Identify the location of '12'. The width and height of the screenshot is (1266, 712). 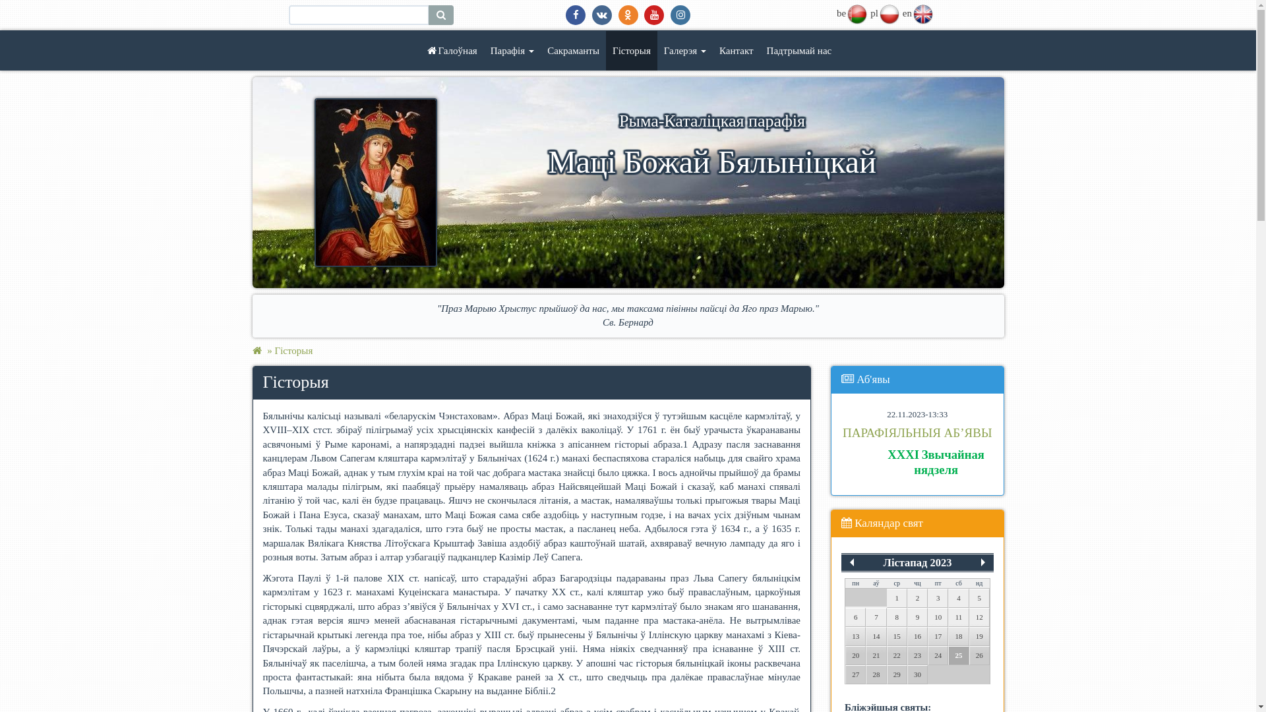
(979, 617).